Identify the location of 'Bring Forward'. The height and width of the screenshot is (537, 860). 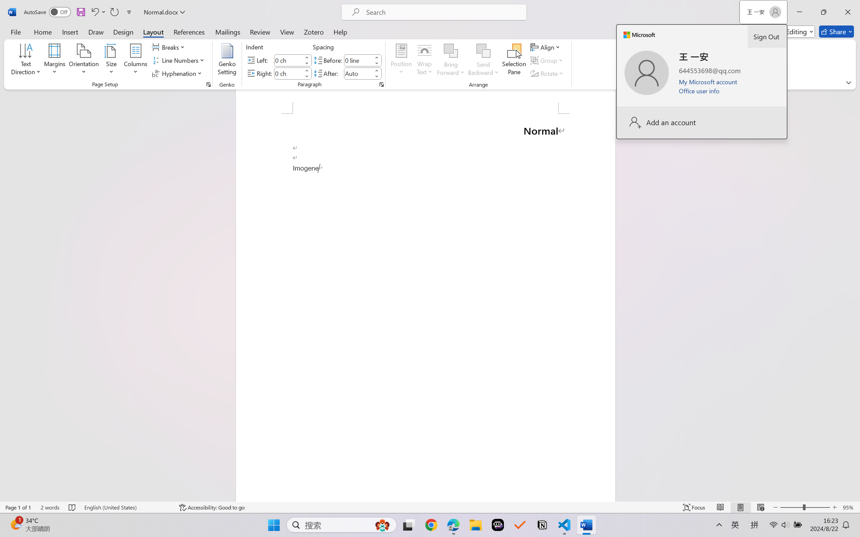
(451, 60).